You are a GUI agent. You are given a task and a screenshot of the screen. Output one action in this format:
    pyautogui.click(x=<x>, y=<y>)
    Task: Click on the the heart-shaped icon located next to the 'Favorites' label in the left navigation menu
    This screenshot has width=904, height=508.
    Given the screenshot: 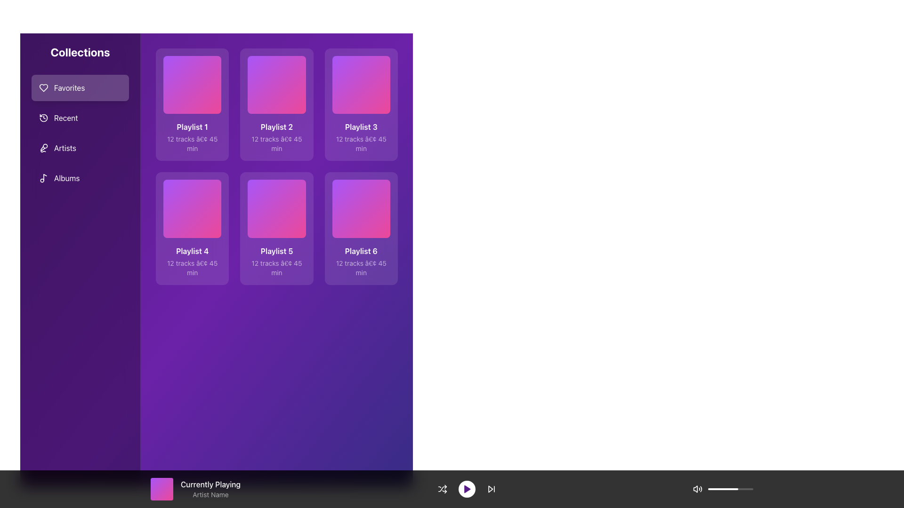 What is the action you would take?
    pyautogui.click(x=43, y=87)
    